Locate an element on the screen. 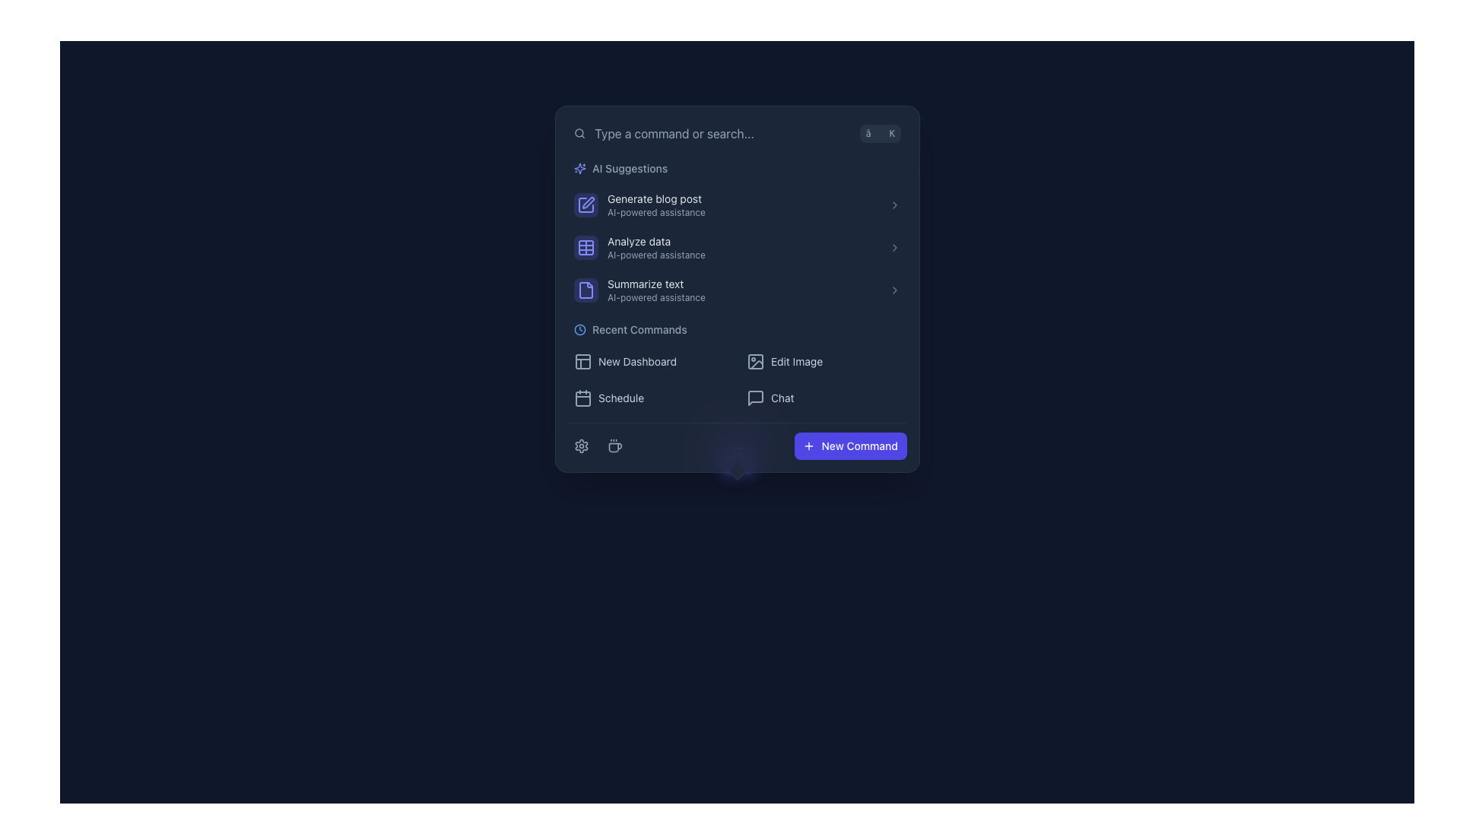 Image resolution: width=1460 pixels, height=821 pixels. to select the first AI suggestion option in the vertical list labeled 'AI Suggestions' is located at coordinates (743, 198).